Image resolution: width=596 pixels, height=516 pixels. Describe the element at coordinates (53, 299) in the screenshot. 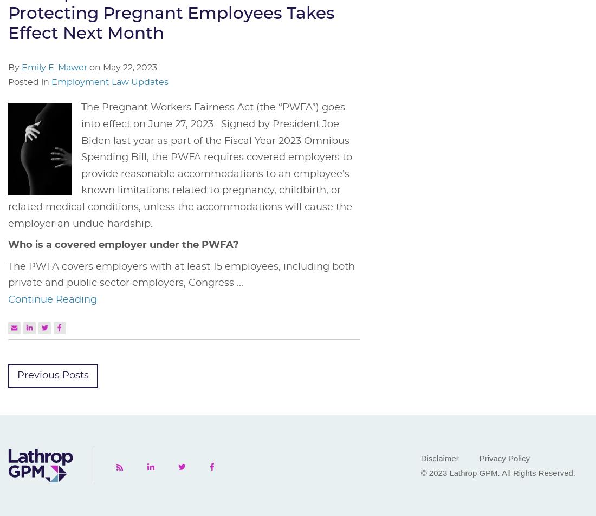

I see `'Continue Reading'` at that location.